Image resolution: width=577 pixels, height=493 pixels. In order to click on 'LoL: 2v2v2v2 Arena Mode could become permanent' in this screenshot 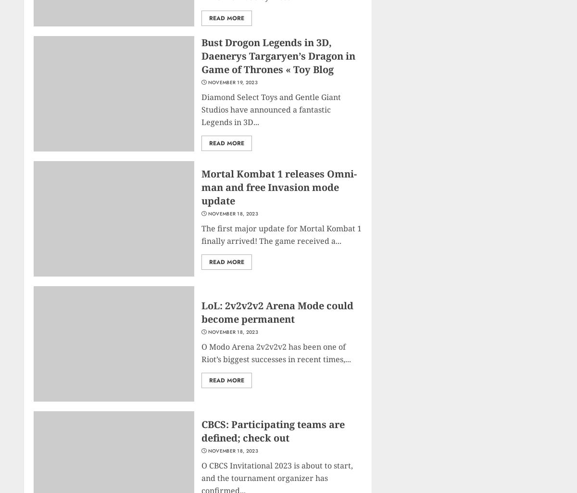, I will do `click(201, 312)`.